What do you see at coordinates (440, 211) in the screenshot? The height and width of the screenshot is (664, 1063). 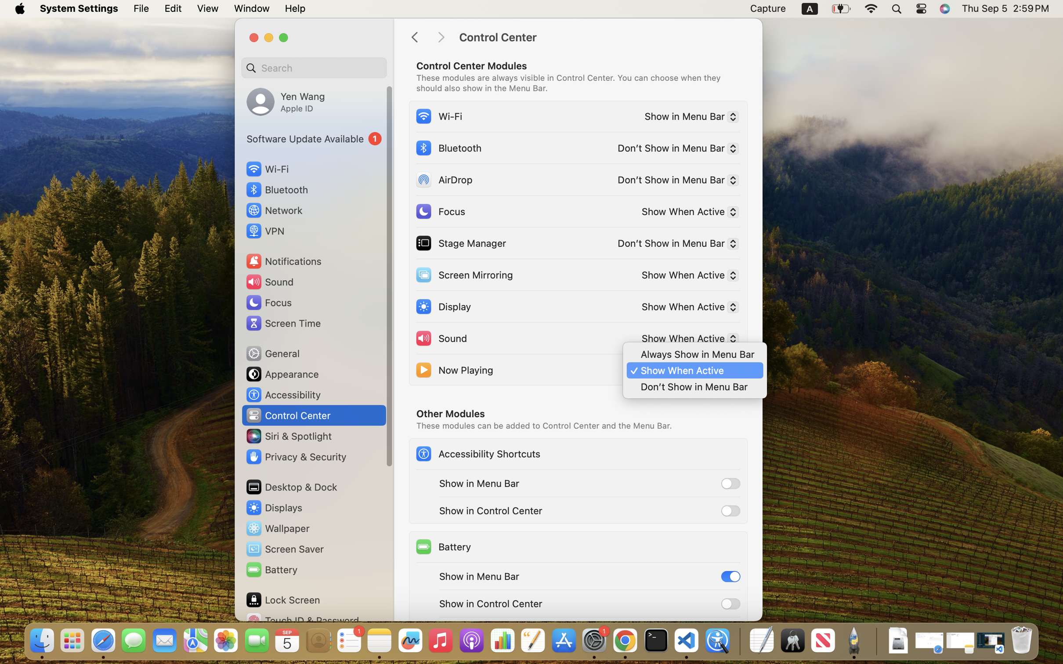 I see `'Focus'` at bounding box center [440, 211].